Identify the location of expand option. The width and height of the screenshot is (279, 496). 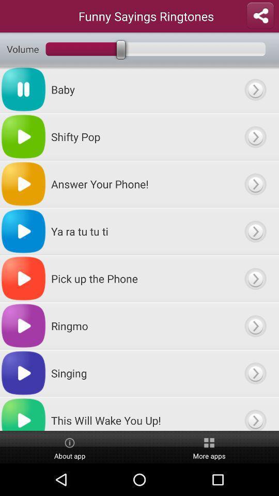
(255, 89).